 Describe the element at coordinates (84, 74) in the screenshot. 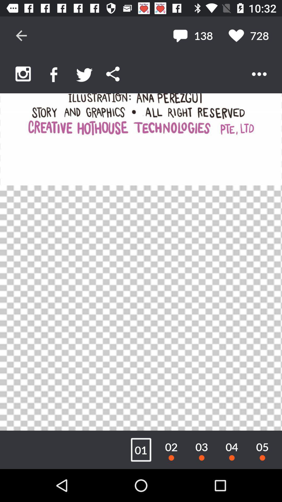

I see `the twitter icon` at that location.